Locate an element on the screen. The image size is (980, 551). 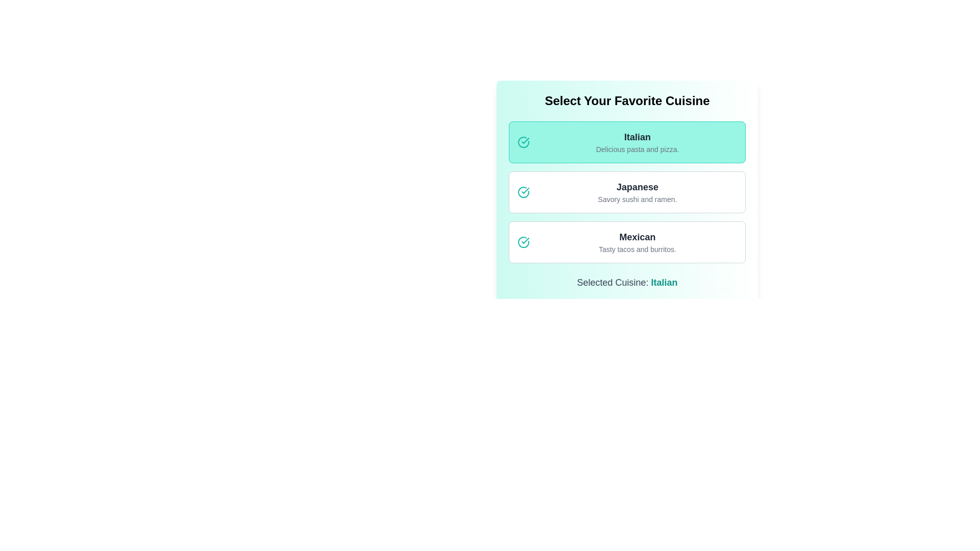
the selection status of the 'Italian' option icon, which is positioned in the top section of the cuisine choices list is located at coordinates (524, 142).